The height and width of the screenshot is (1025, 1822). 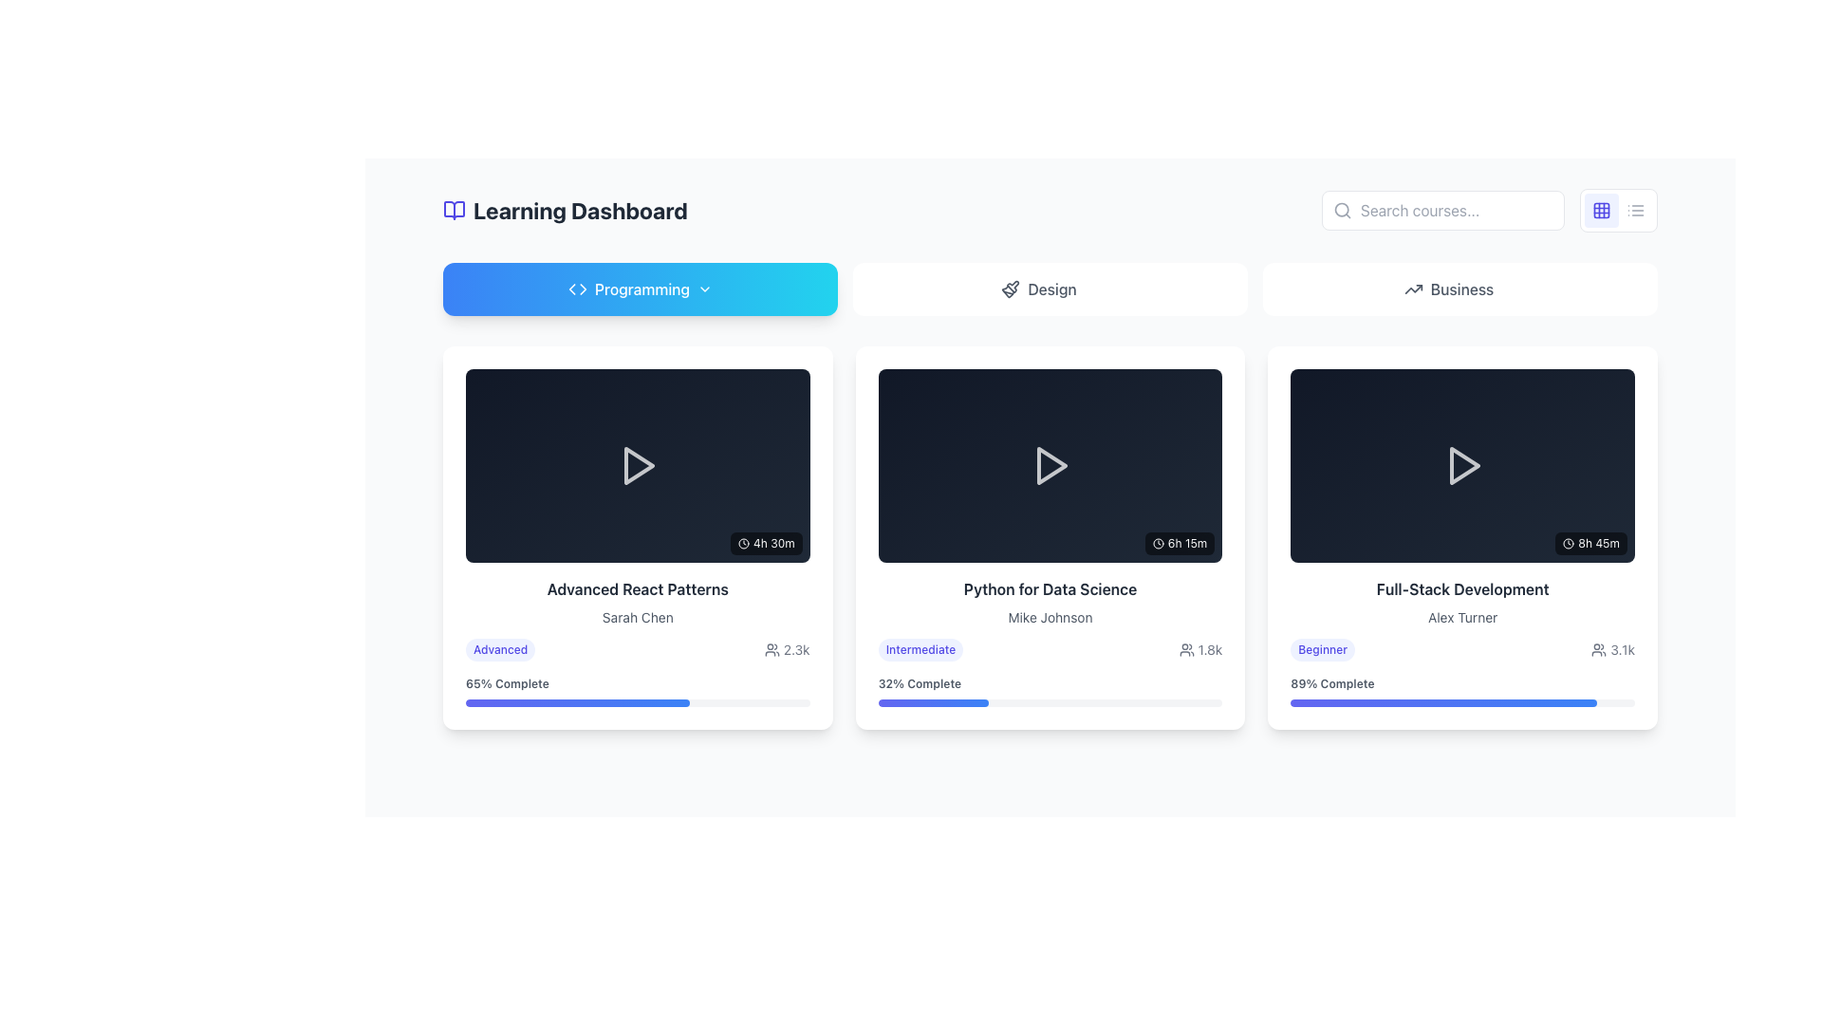 What do you see at coordinates (920, 649) in the screenshot?
I see `pill-shaped label displaying 'Intermediate' that is located below the course title 'Python for Data Science' and above the progress bar in the second card of the course categories list` at bounding box center [920, 649].